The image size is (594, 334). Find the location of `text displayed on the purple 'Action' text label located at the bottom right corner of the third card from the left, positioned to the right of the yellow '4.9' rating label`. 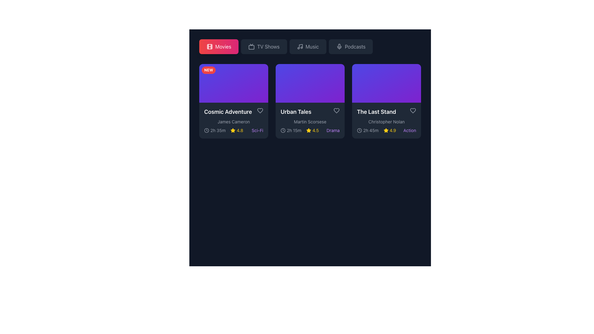

text displayed on the purple 'Action' text label located at the bottom right corner of the third card from the left, positioned to the right of the yellow '4.9' rating label is located at coordinates (410, 130).